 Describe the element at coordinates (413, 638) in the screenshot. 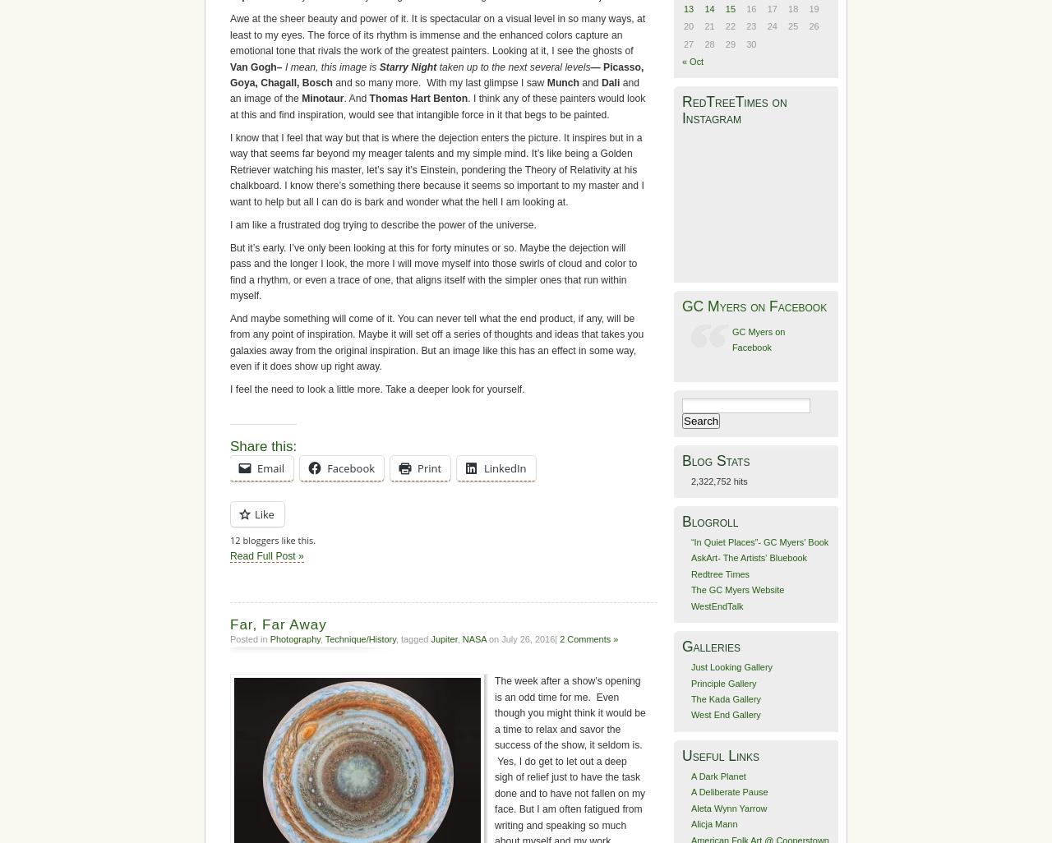

I see `', tagged'` at that location.